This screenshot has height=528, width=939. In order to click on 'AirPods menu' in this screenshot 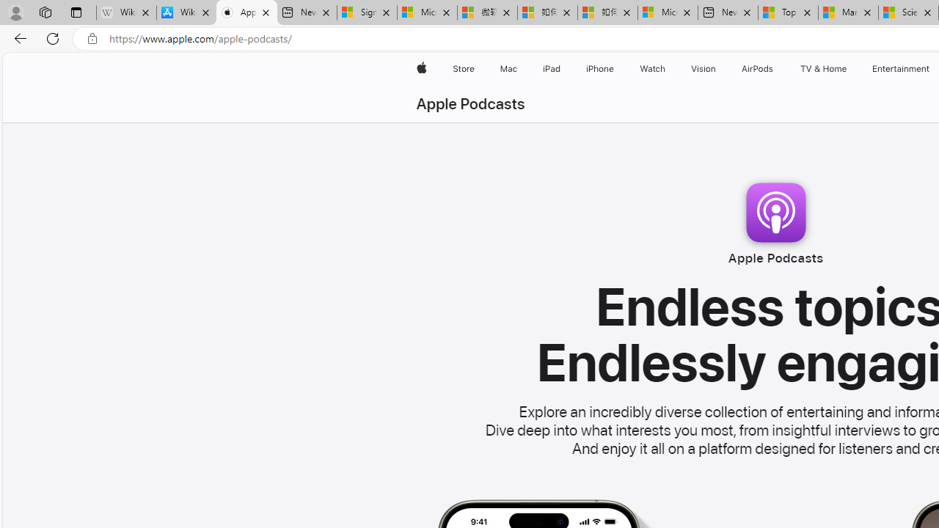, I will do `click(775, 68)`.